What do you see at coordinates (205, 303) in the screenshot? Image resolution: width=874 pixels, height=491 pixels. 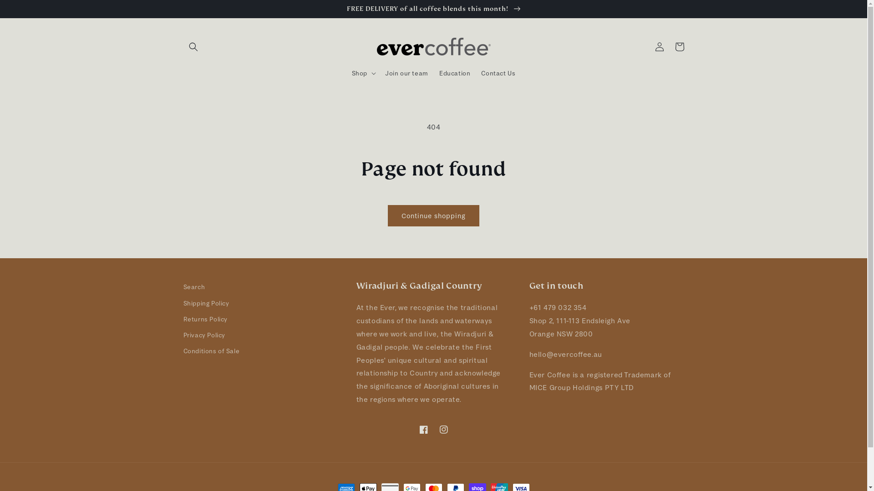 I see `'Shipping Policy'` at bounding box center [205, 303].